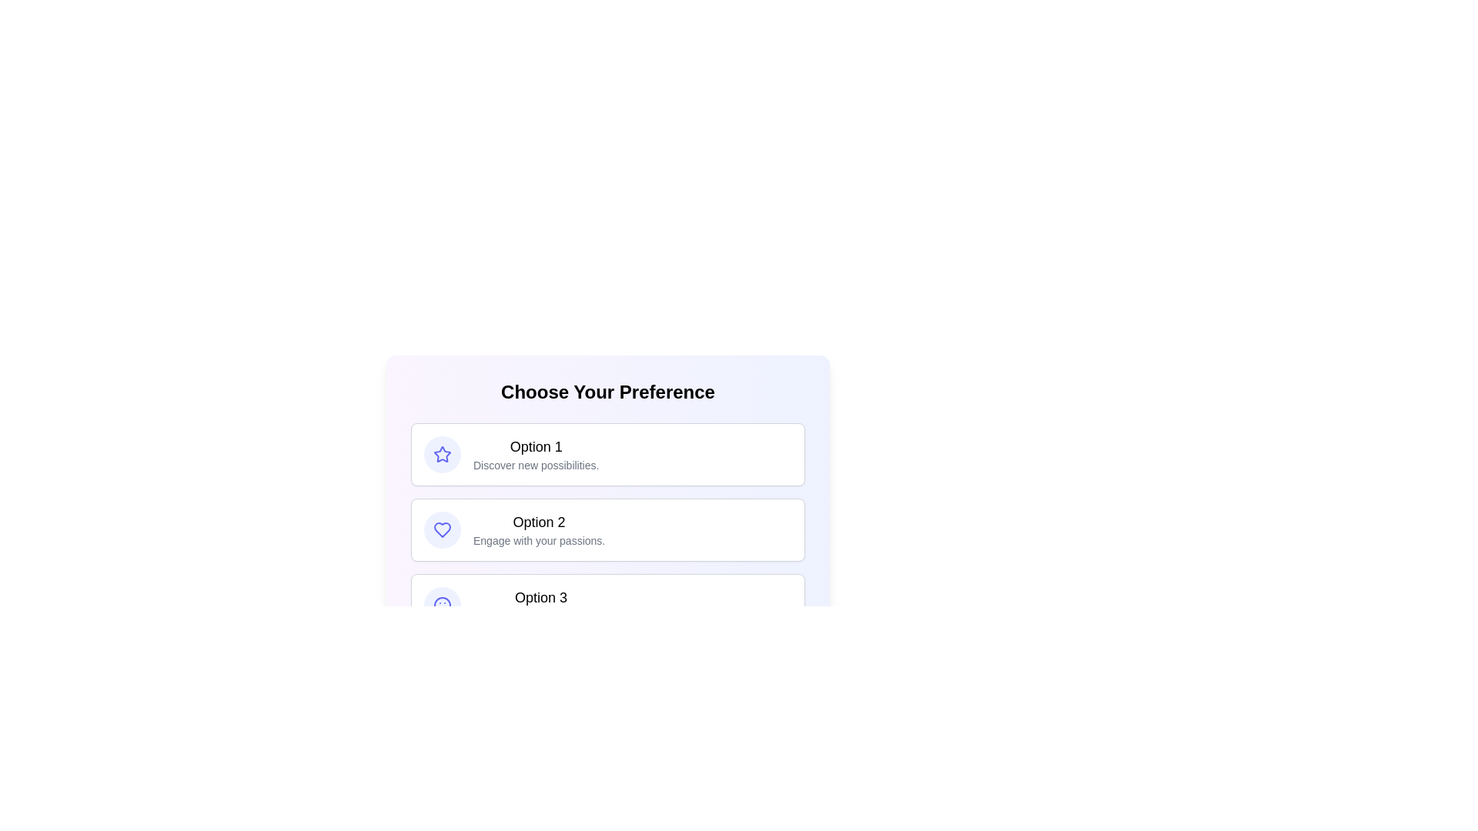 Image resolution: width=1478 pixels, height=831 pixels. I want to click on the circular Icon button with a light-indigo background and a heart icon outlined in indigo, located in the left section of the 'Option 2' card, so click(442, 529).